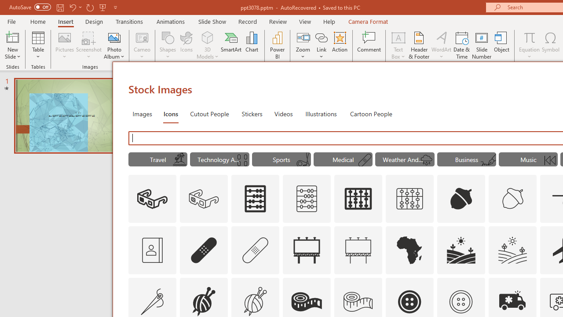  I want to click on '"Sports" Icons.', so click(281, 159).